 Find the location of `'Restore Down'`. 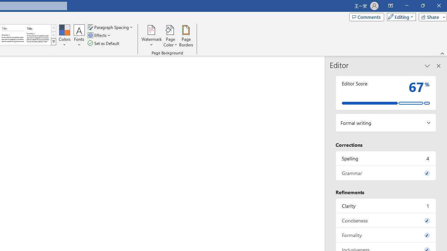

'Restore Down' is located at coordinates (422, 6).